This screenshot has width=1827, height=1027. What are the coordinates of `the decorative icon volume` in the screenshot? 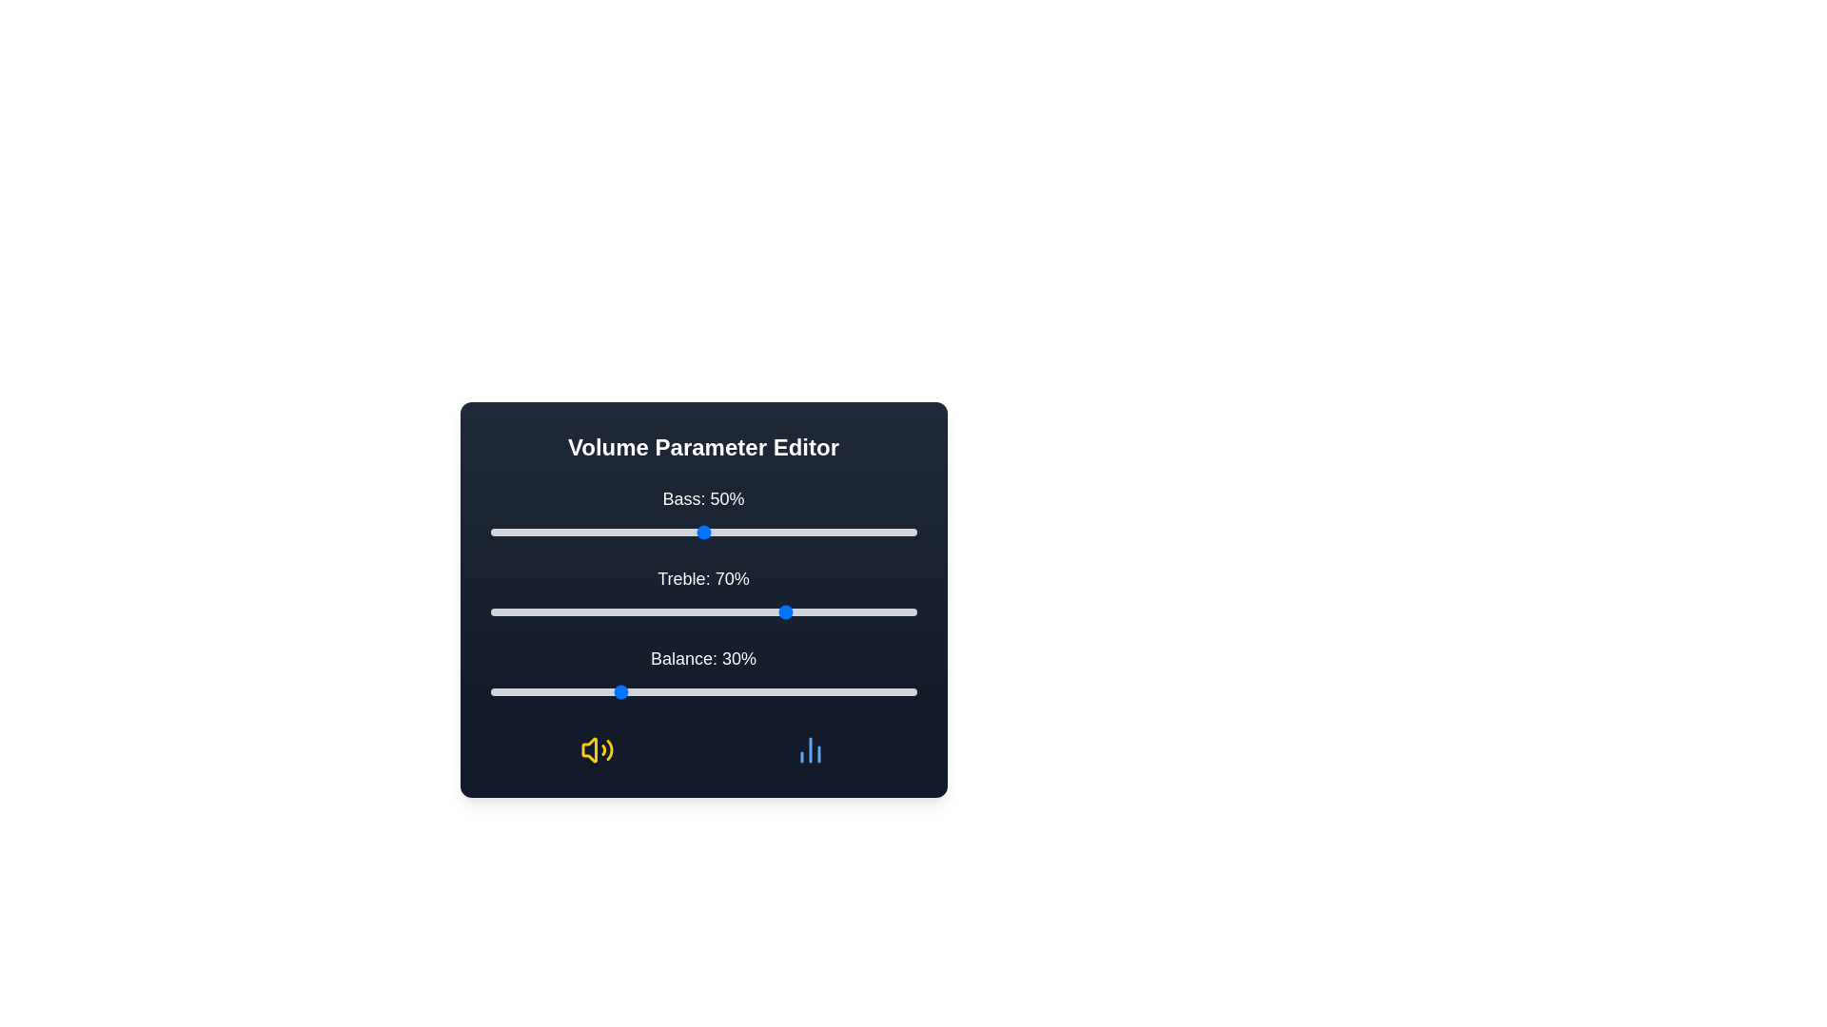 It's located at (596, 749).